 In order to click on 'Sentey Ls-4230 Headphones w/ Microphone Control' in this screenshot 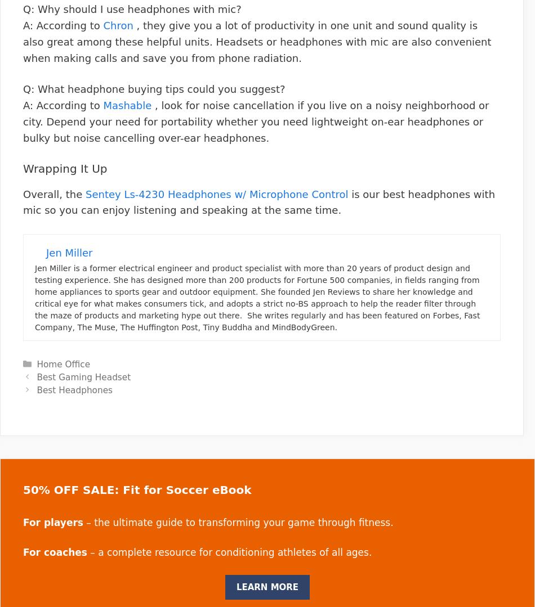, I will do `click(216, 194)`.